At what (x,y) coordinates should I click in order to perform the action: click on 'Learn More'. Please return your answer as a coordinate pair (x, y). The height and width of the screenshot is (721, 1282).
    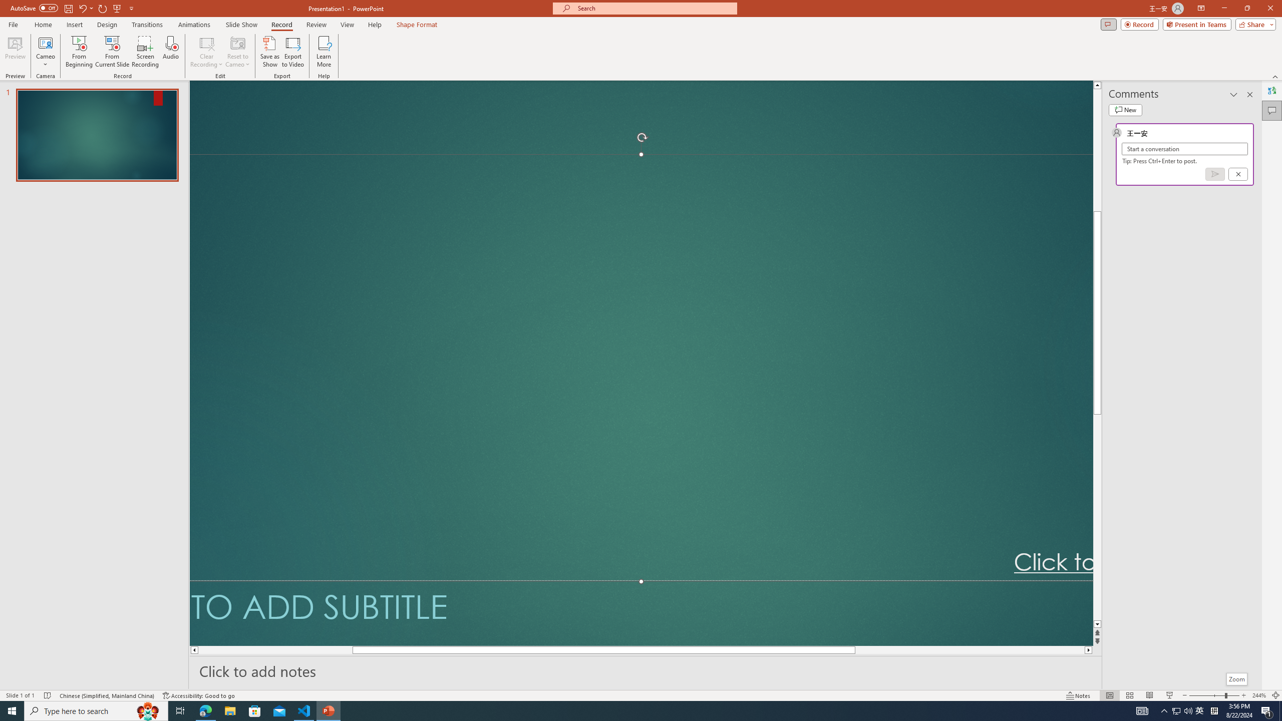
    Looking at the image, I should click on (324, 52).